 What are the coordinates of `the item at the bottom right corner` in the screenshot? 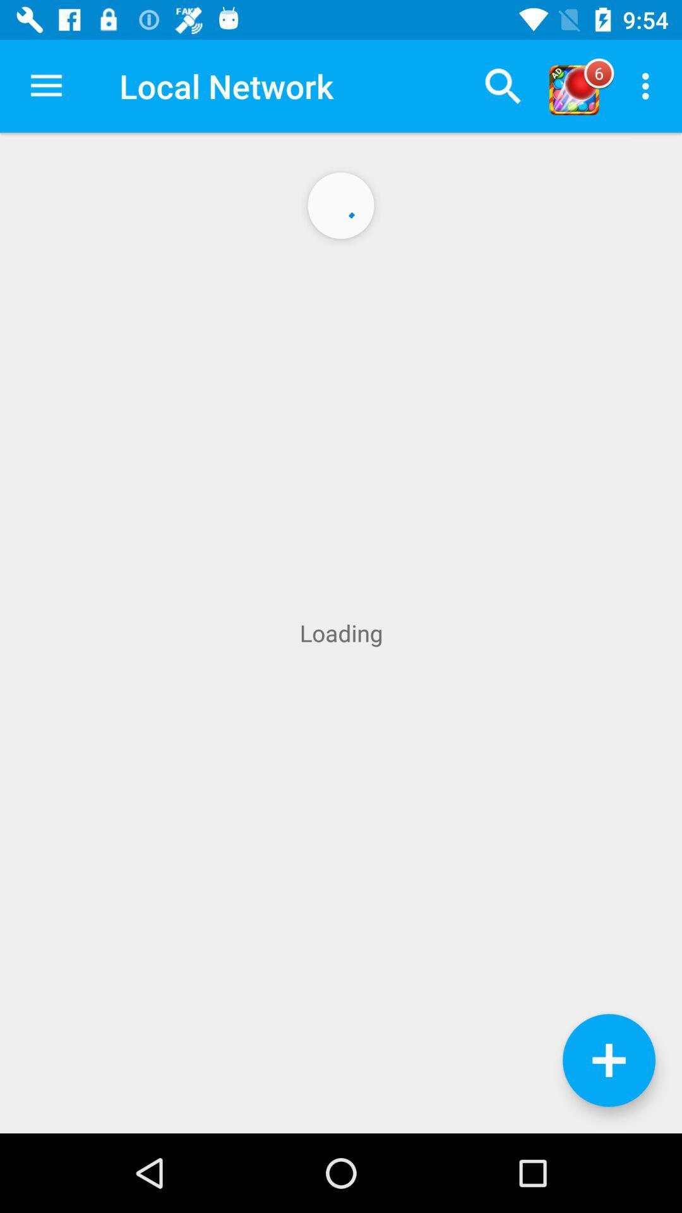 It's located at (608, 1060).